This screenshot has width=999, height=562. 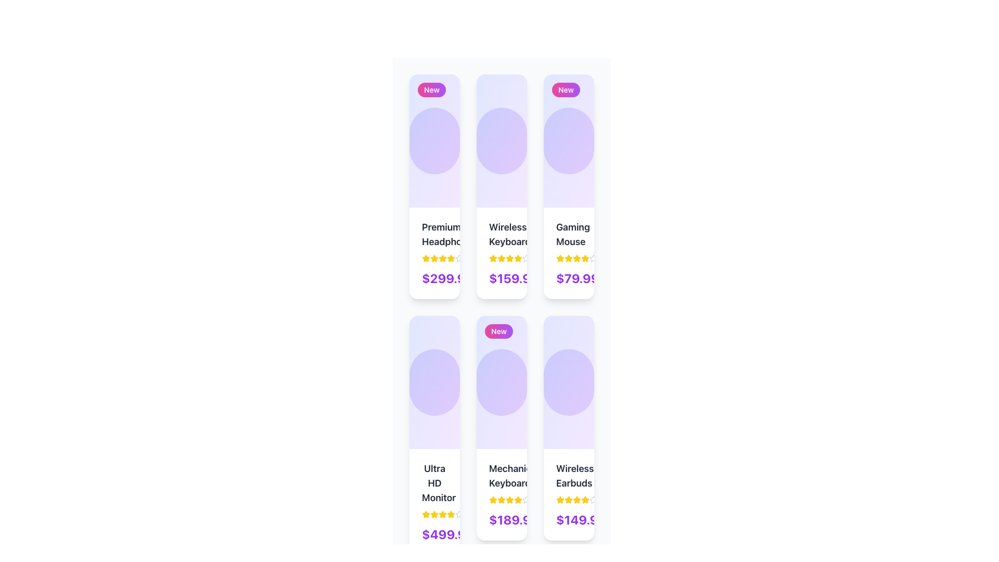 I want to click on the price display text element located in the bottom section of the 'Wireless Earbuds' product card, positioned centrally below the rating stars, so click(x=568, y=520).